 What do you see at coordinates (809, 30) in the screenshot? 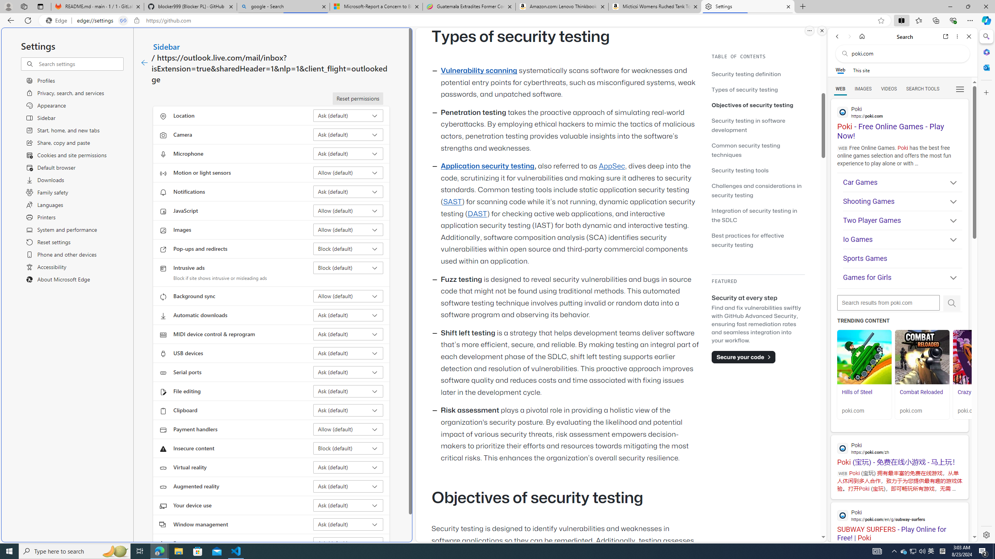
I see `'More options.'` at bounding box center [809, 30].